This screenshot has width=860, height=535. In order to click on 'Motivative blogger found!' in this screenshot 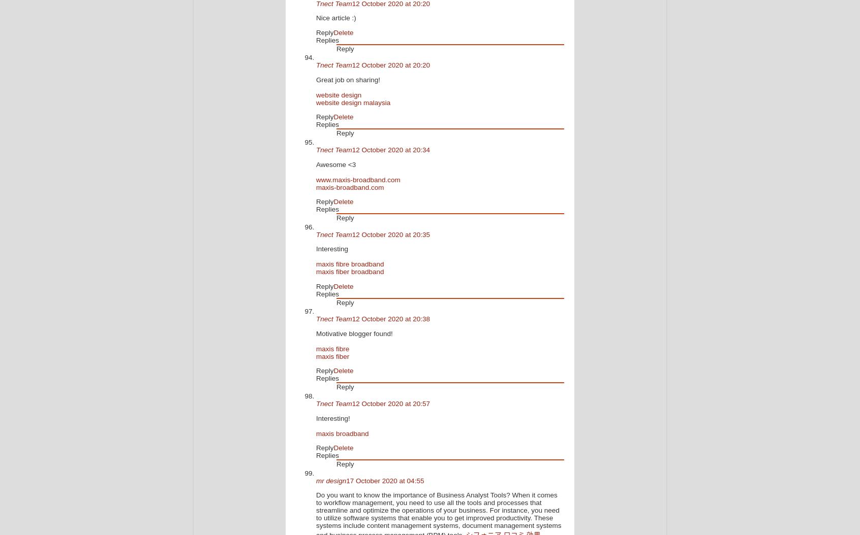, I will do `click(354, 333)`.